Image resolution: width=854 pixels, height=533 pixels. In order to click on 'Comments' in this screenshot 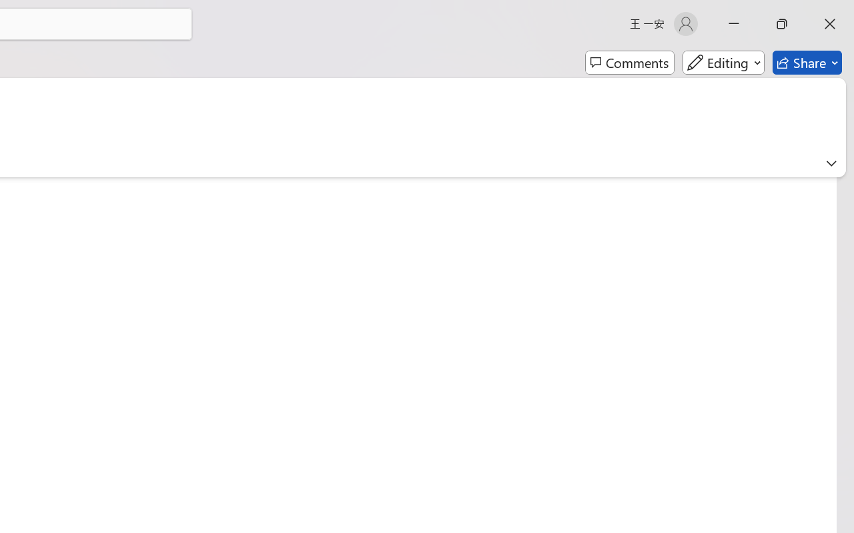, I will do `click(629, 63)`.